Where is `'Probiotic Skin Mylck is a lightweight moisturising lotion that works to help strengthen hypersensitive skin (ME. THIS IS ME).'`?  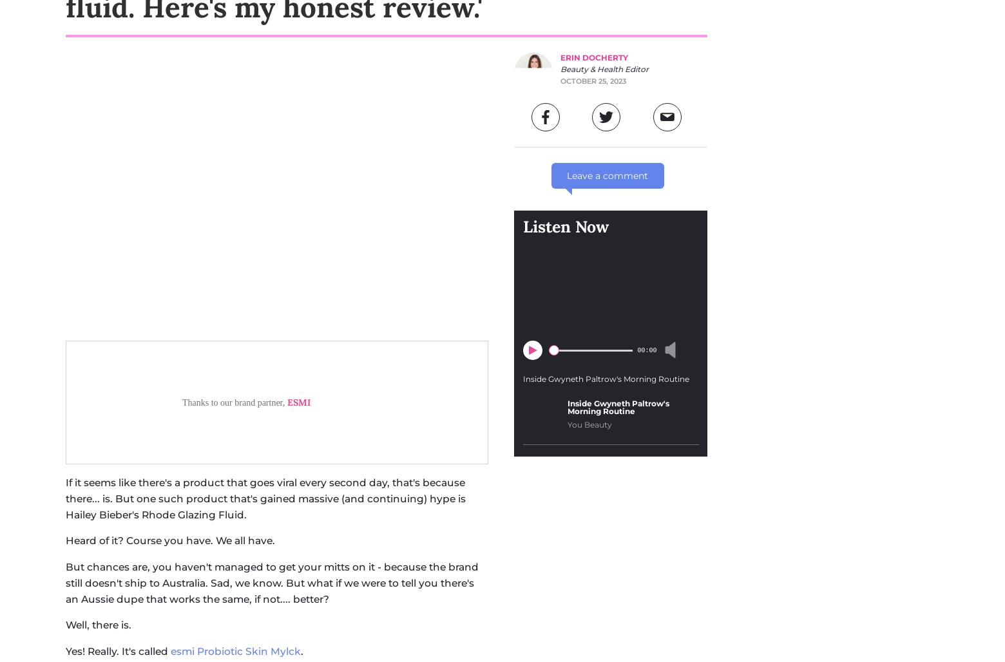
'Probiotic Skin Mylck is a lightweight moisturising lotion that works to help strengthen hypersensitive skin (ME. THIS IS ME).' is located at coordinates (254, 421).